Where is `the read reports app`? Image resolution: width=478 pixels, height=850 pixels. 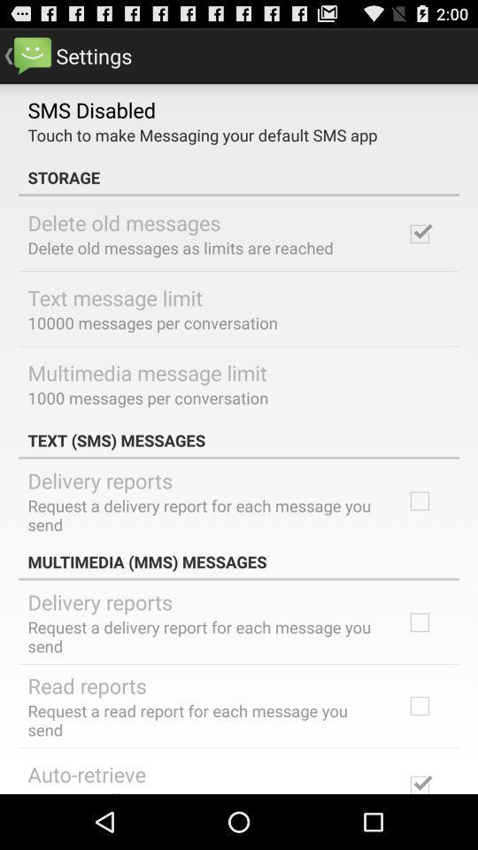
the read reports app is located at coordinates (86, 684).